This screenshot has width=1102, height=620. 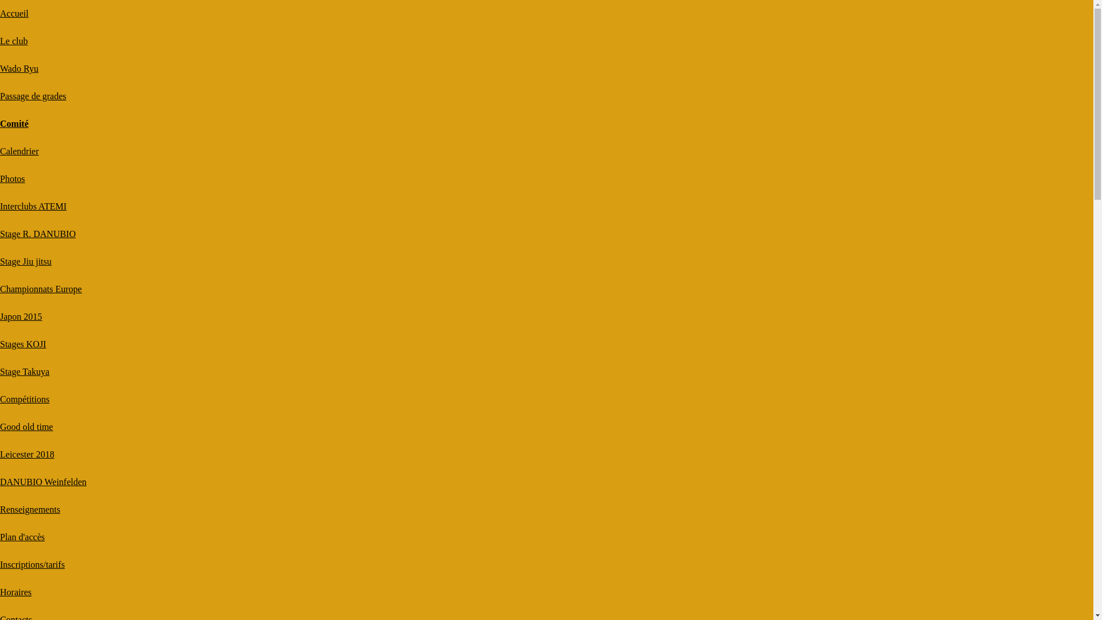 What do you see at coordinates (22, 343) in the screenshot?
I see `'Stages KOJI'` at bounding box center [22, 343].